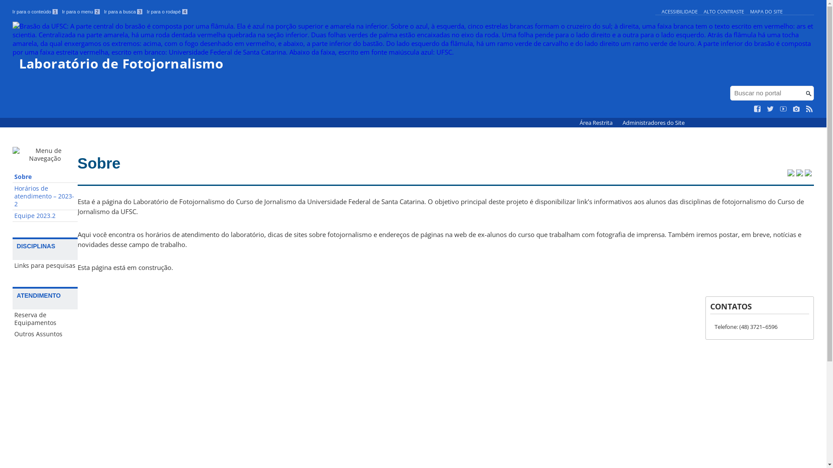  I want to click on 'ACESSIBILIDADE', so click(679, 11).